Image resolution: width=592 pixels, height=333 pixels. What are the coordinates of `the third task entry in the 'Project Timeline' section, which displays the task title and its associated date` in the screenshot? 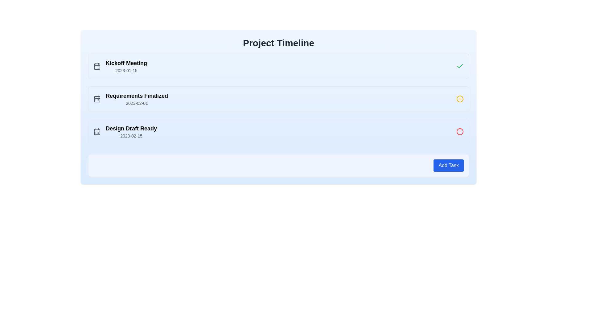 It's located at (131, 131).